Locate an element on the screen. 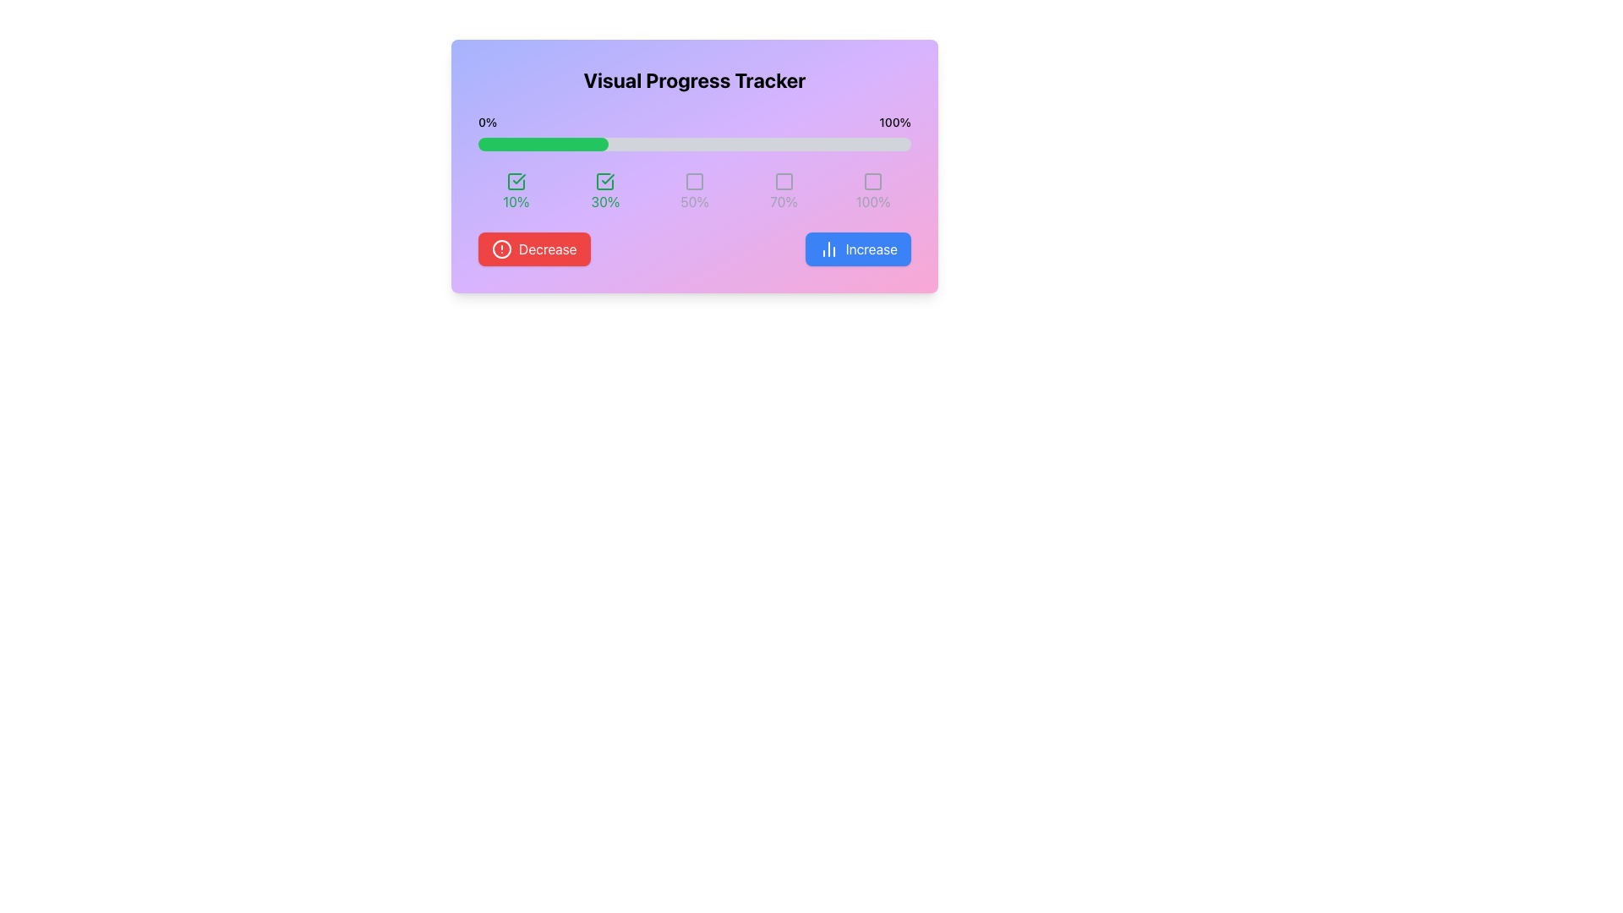 This screenshot has width=1623, height=913. the progress level is located at coordinates (516, 143).